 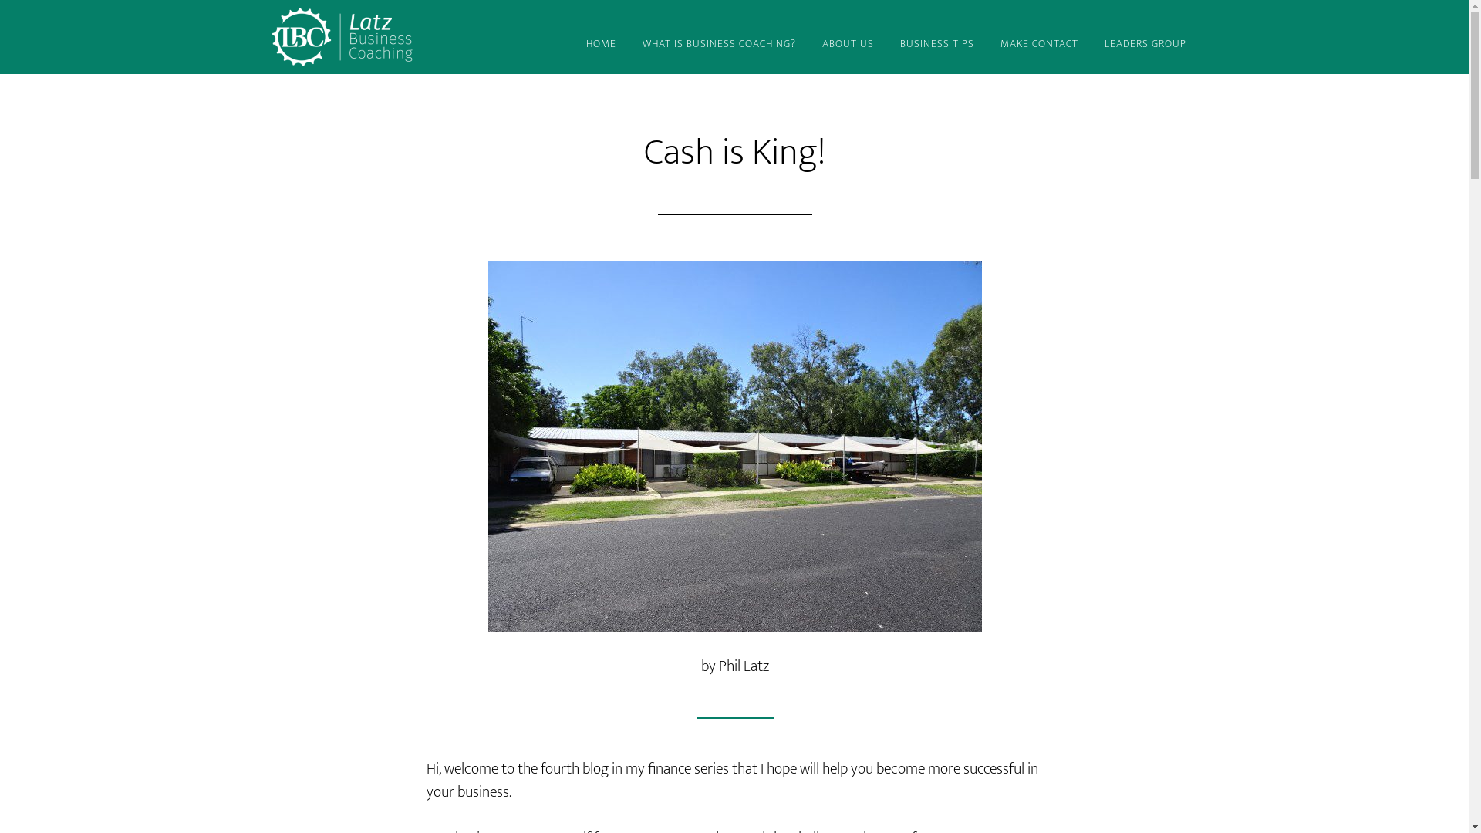 What do you see at coordinates (889, 43) in the screenshot?
I see `'BUSINESS TIPS'` at bounding box center [889, 43].